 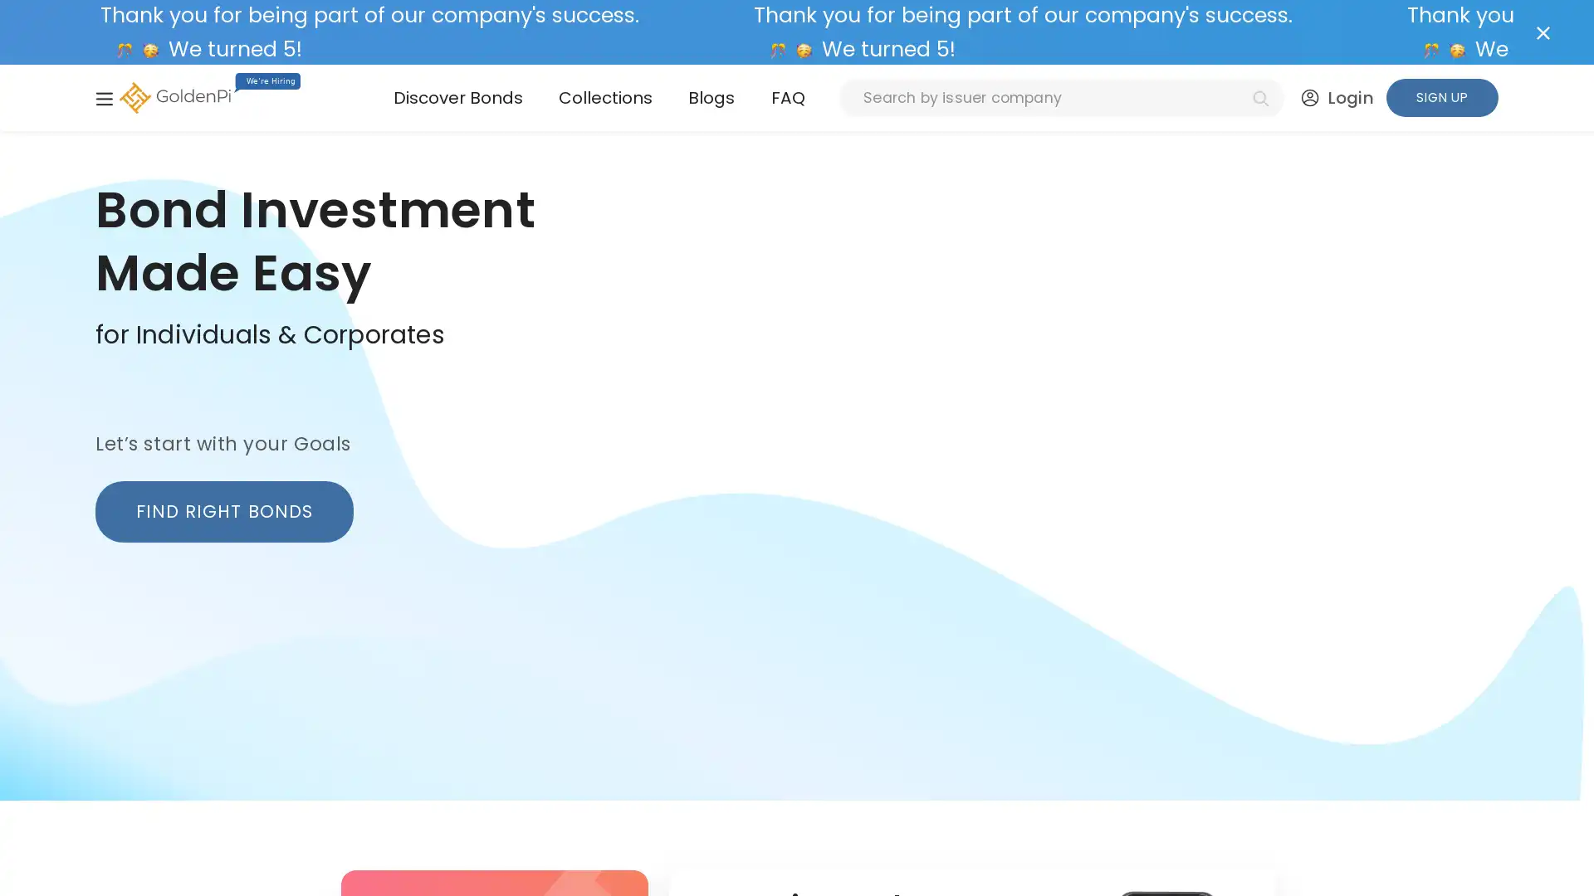 What do you see at coordinates (103, 98) in the screenshot?
I see `open` at bounding box center [103, 98].